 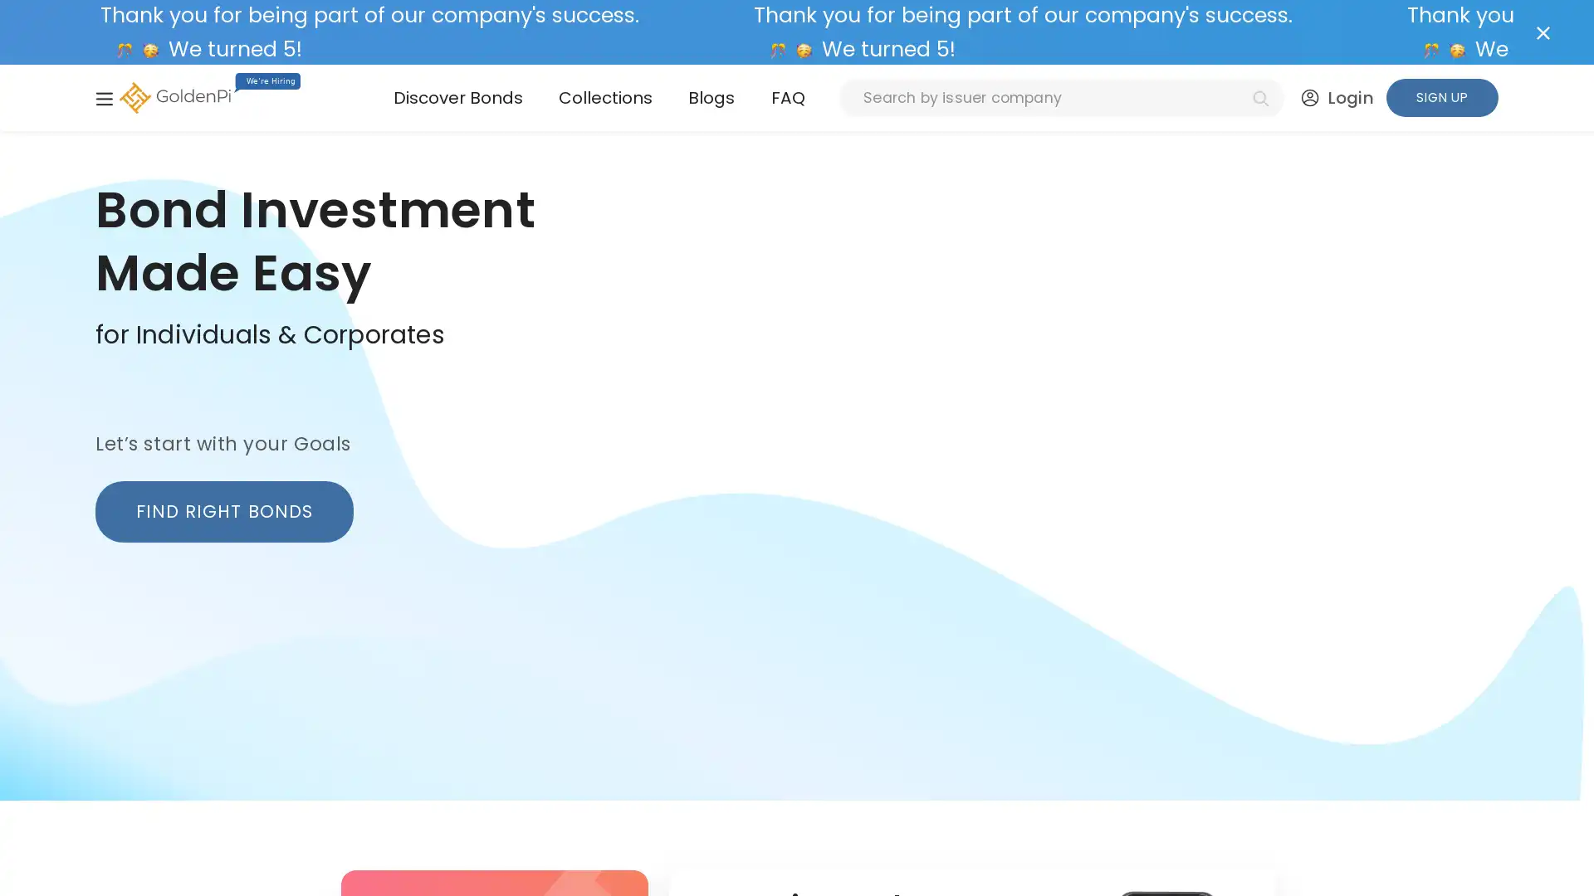 What do you see at coordinates (103, 98) in the screenshot?
I see `open` at bounding box center [103, 98].